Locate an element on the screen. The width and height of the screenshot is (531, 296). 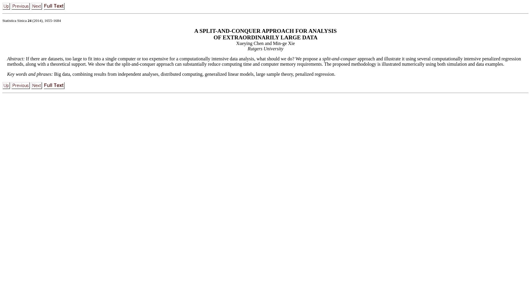
'Xueying Chen and Min-ge Xie' is located at coordinates (265, 43).